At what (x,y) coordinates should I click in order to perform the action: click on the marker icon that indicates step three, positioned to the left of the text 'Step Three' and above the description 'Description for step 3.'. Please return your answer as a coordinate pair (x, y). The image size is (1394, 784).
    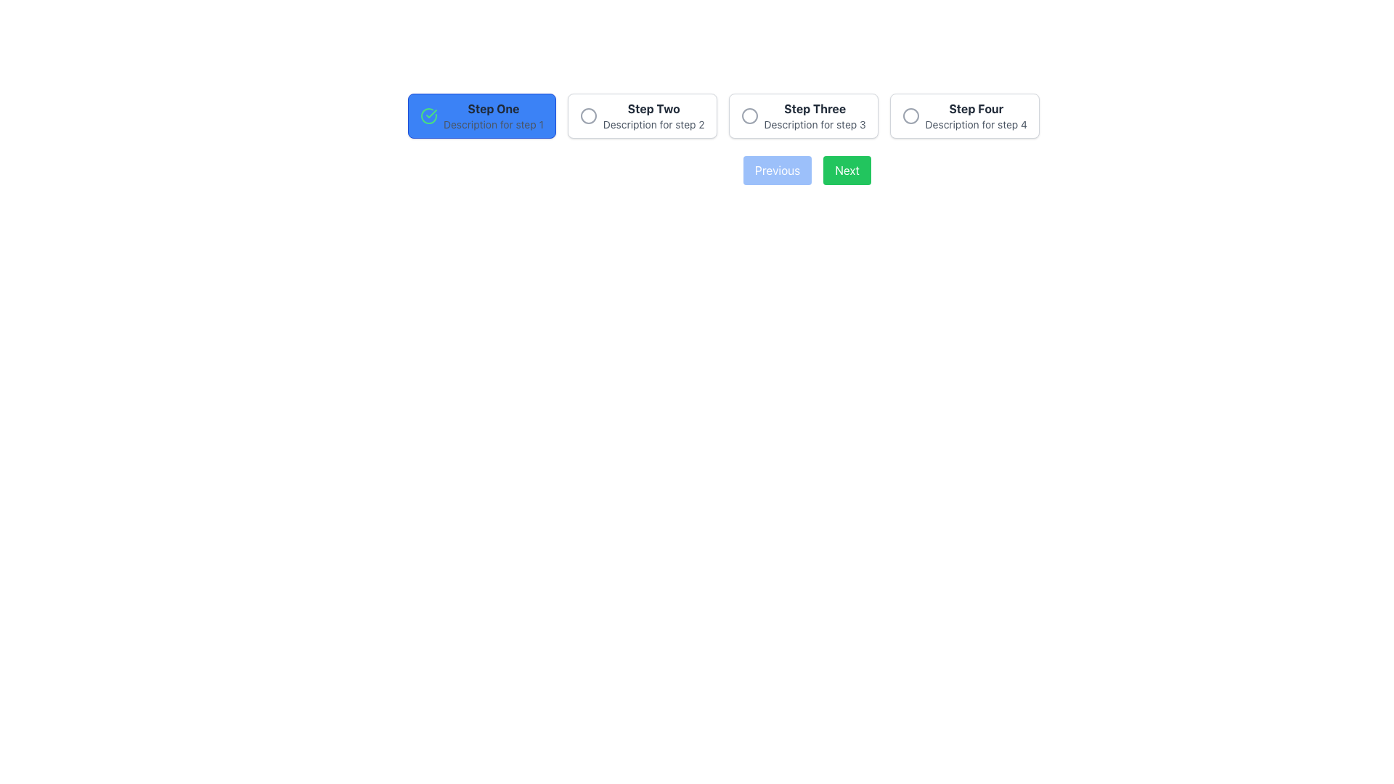
    Looking at the image, I should click on (749, 115).